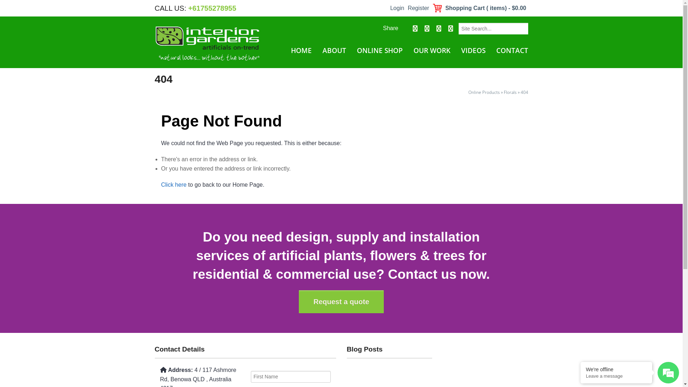 The image size is (688, 387). Describe the element at coordinates (211, 8) in the screenshot. I see `'+61755278955'` at that location.